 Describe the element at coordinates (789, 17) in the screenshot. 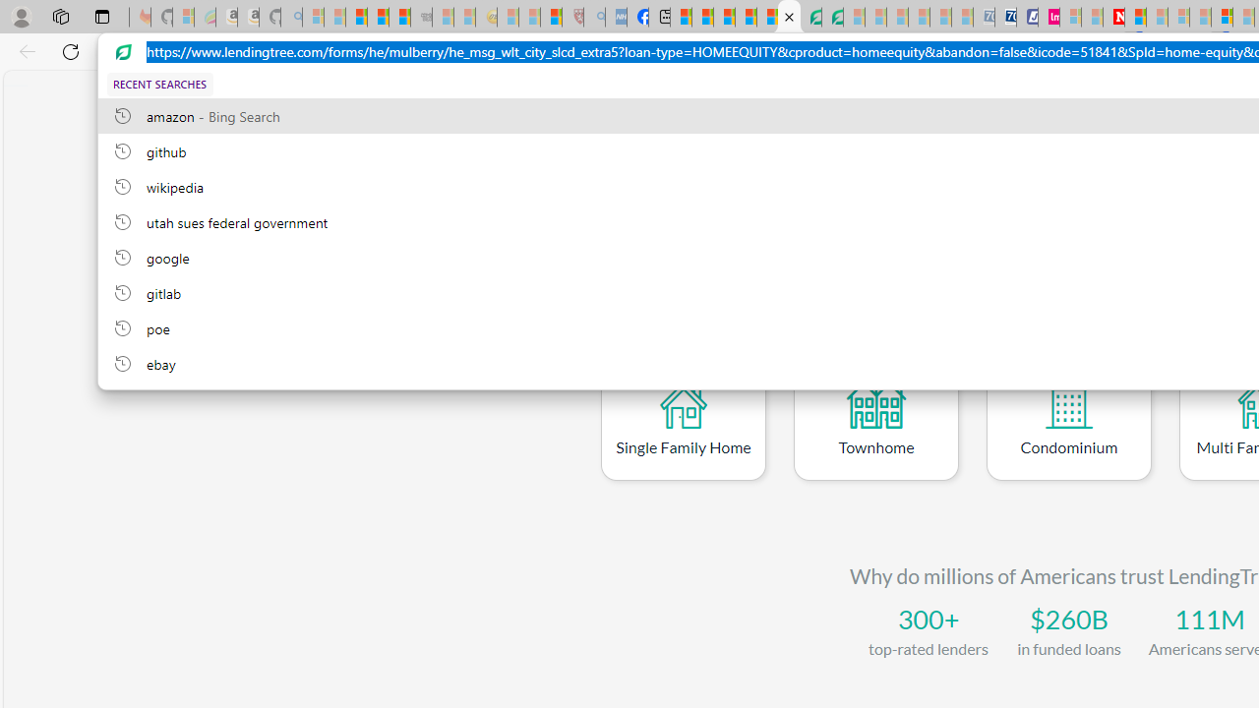

I see `'LendingTree - Compare Lenders'` at that location.